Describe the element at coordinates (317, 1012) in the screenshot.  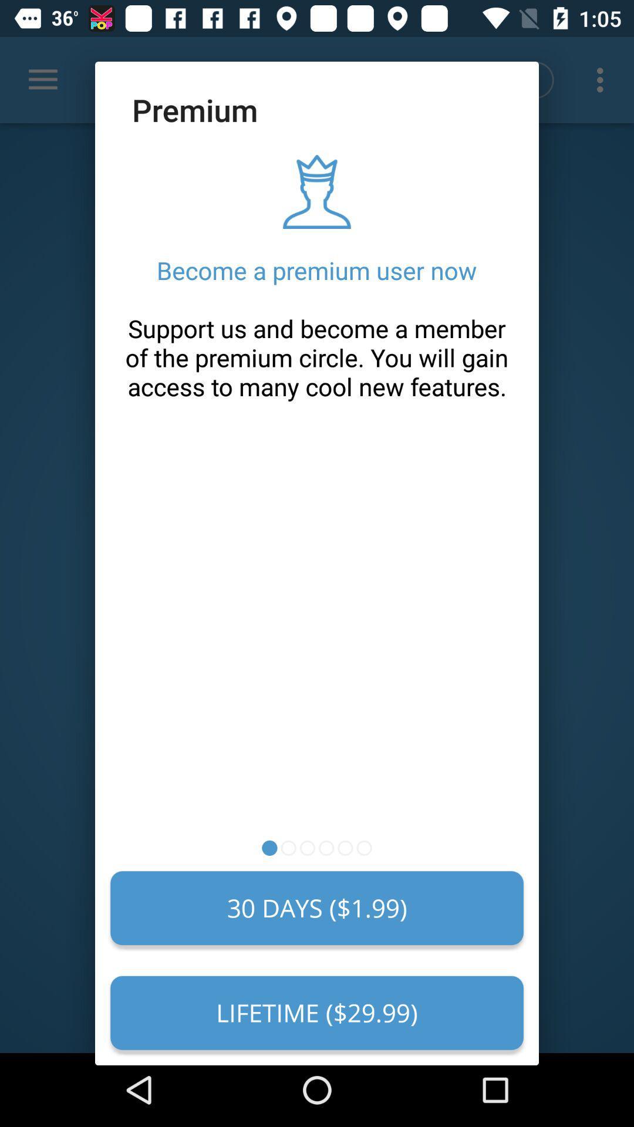
I see `lifetime ($29.99)` at that location.